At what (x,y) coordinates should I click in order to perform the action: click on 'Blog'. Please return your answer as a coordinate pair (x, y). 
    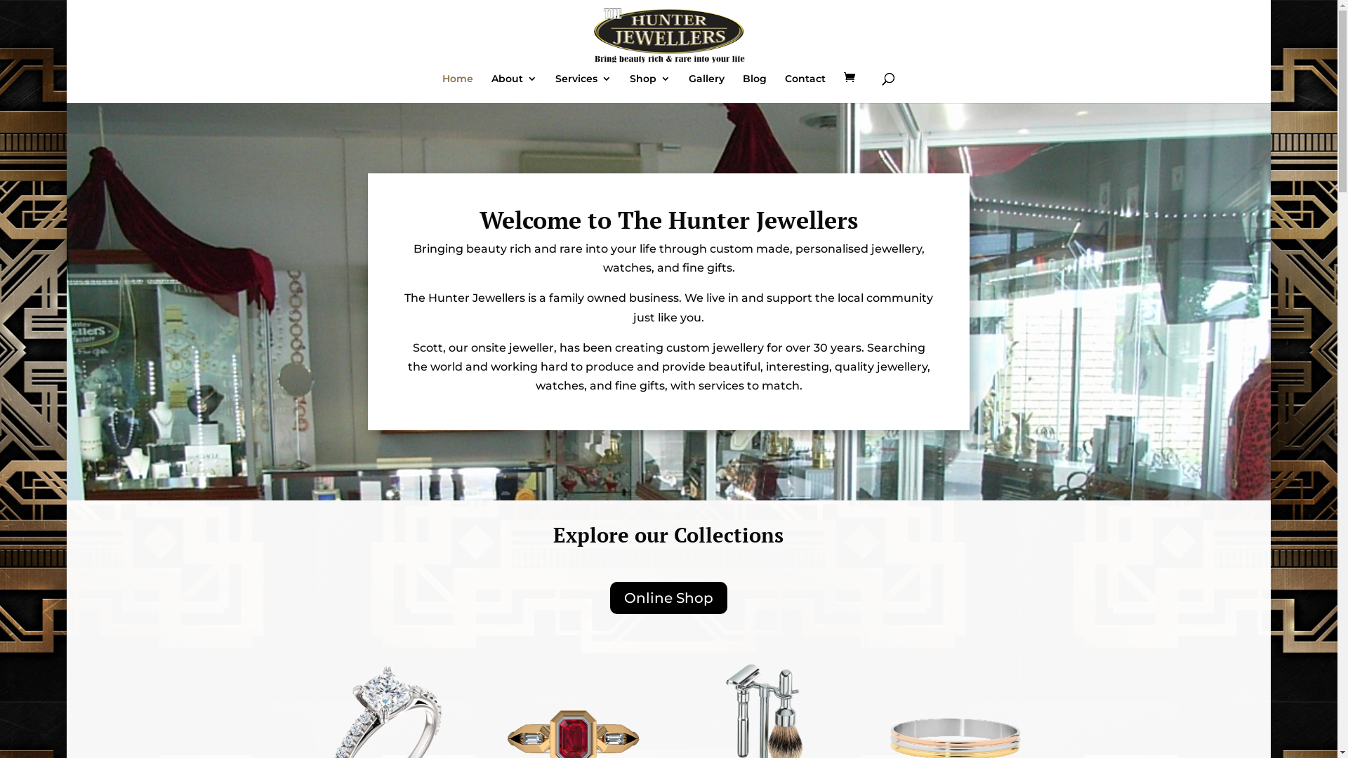
    Looking at the image, I should click on (754, 88).